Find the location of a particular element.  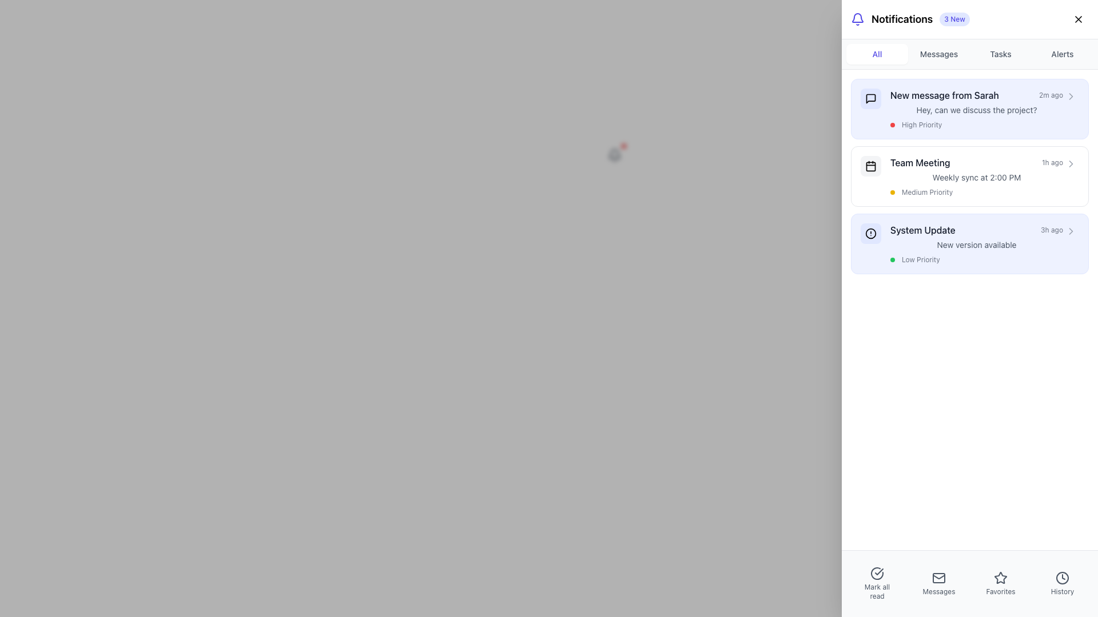

the small square speech bubble icon outlined with black strokes located in the first notification card, aligned with the title of the notification is located at coordinates (870, 98).